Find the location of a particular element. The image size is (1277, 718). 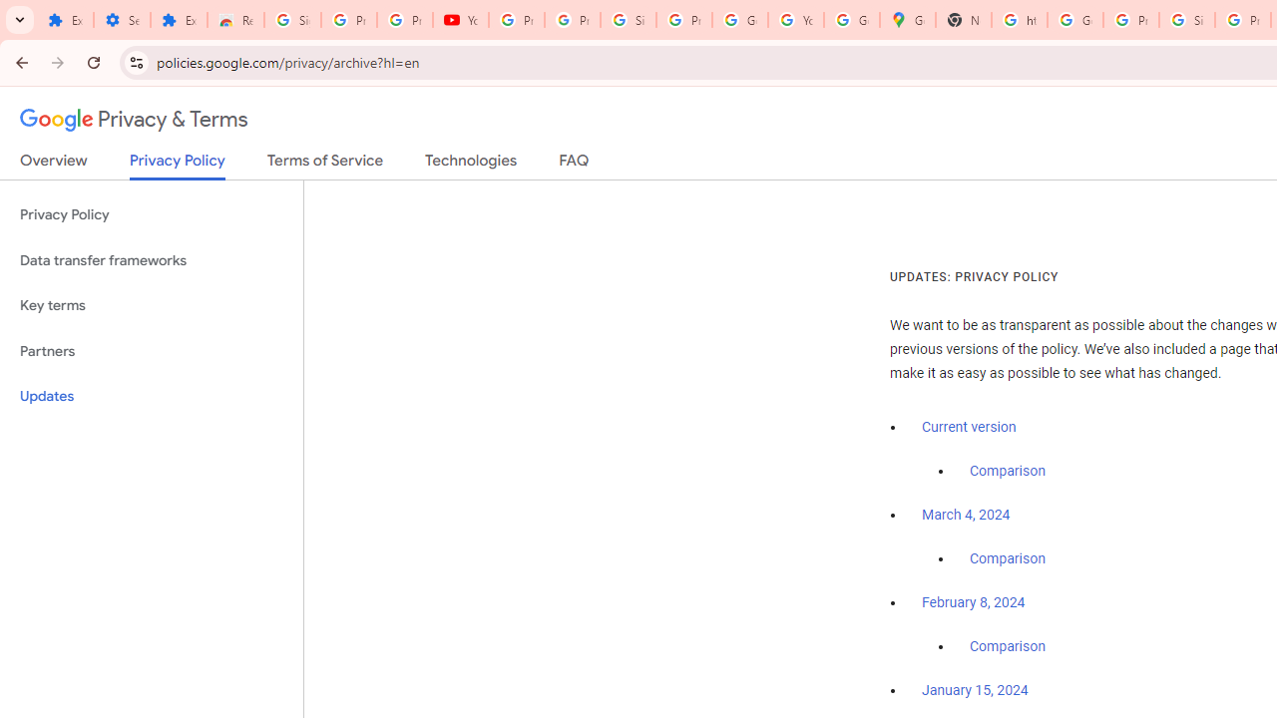

'YouTube' is located at coordinates (460, 20).